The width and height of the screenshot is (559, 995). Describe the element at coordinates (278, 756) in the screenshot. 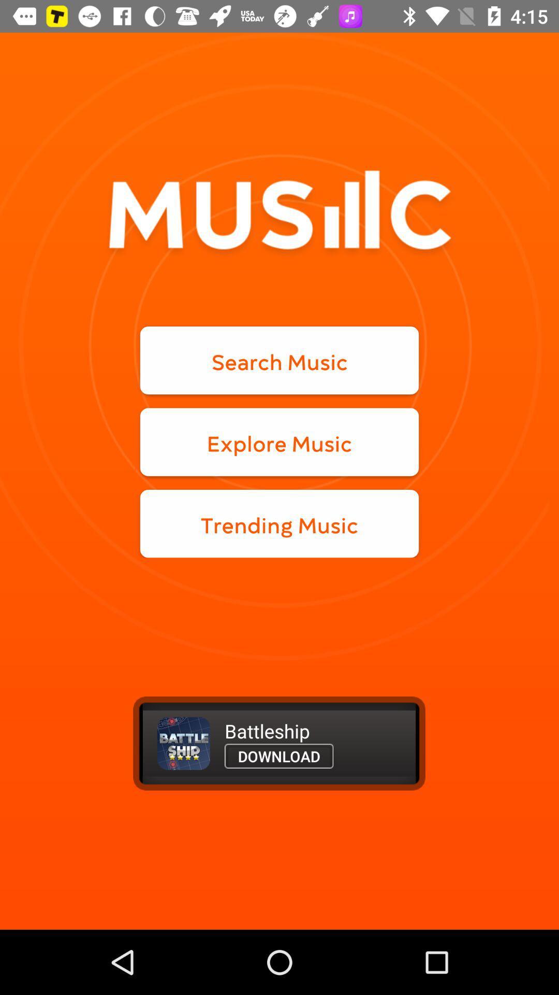

I see `item below the battleship icon` at that location.